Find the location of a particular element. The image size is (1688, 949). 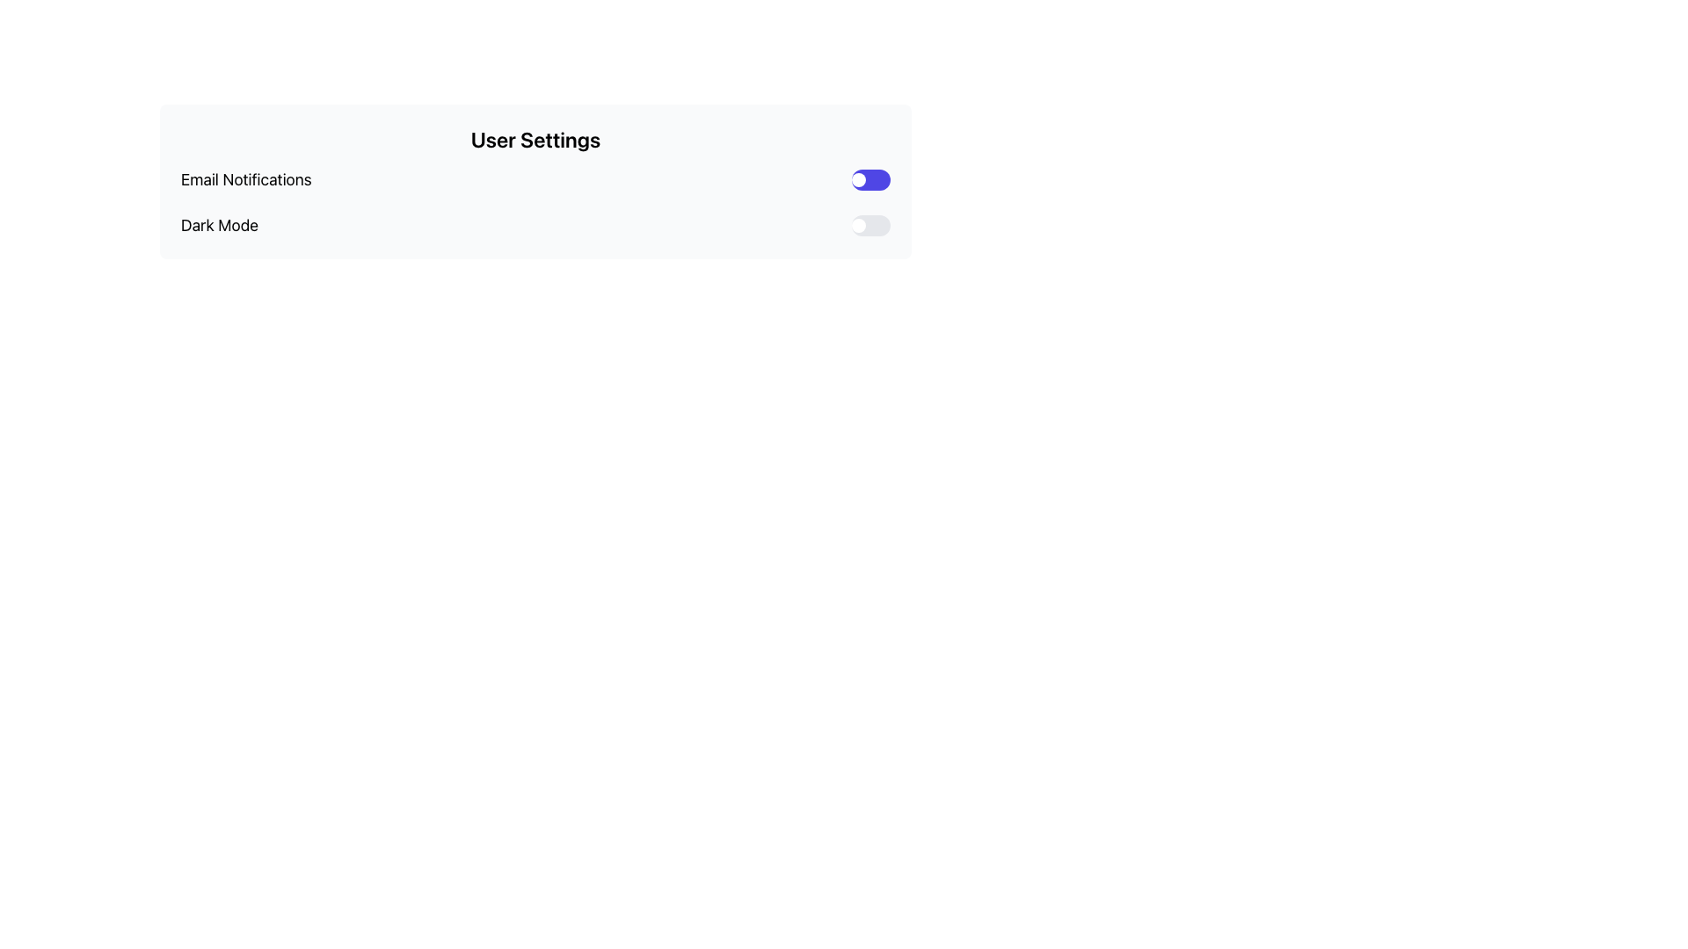

the toggle switch used is located at coordinates (870, 179).